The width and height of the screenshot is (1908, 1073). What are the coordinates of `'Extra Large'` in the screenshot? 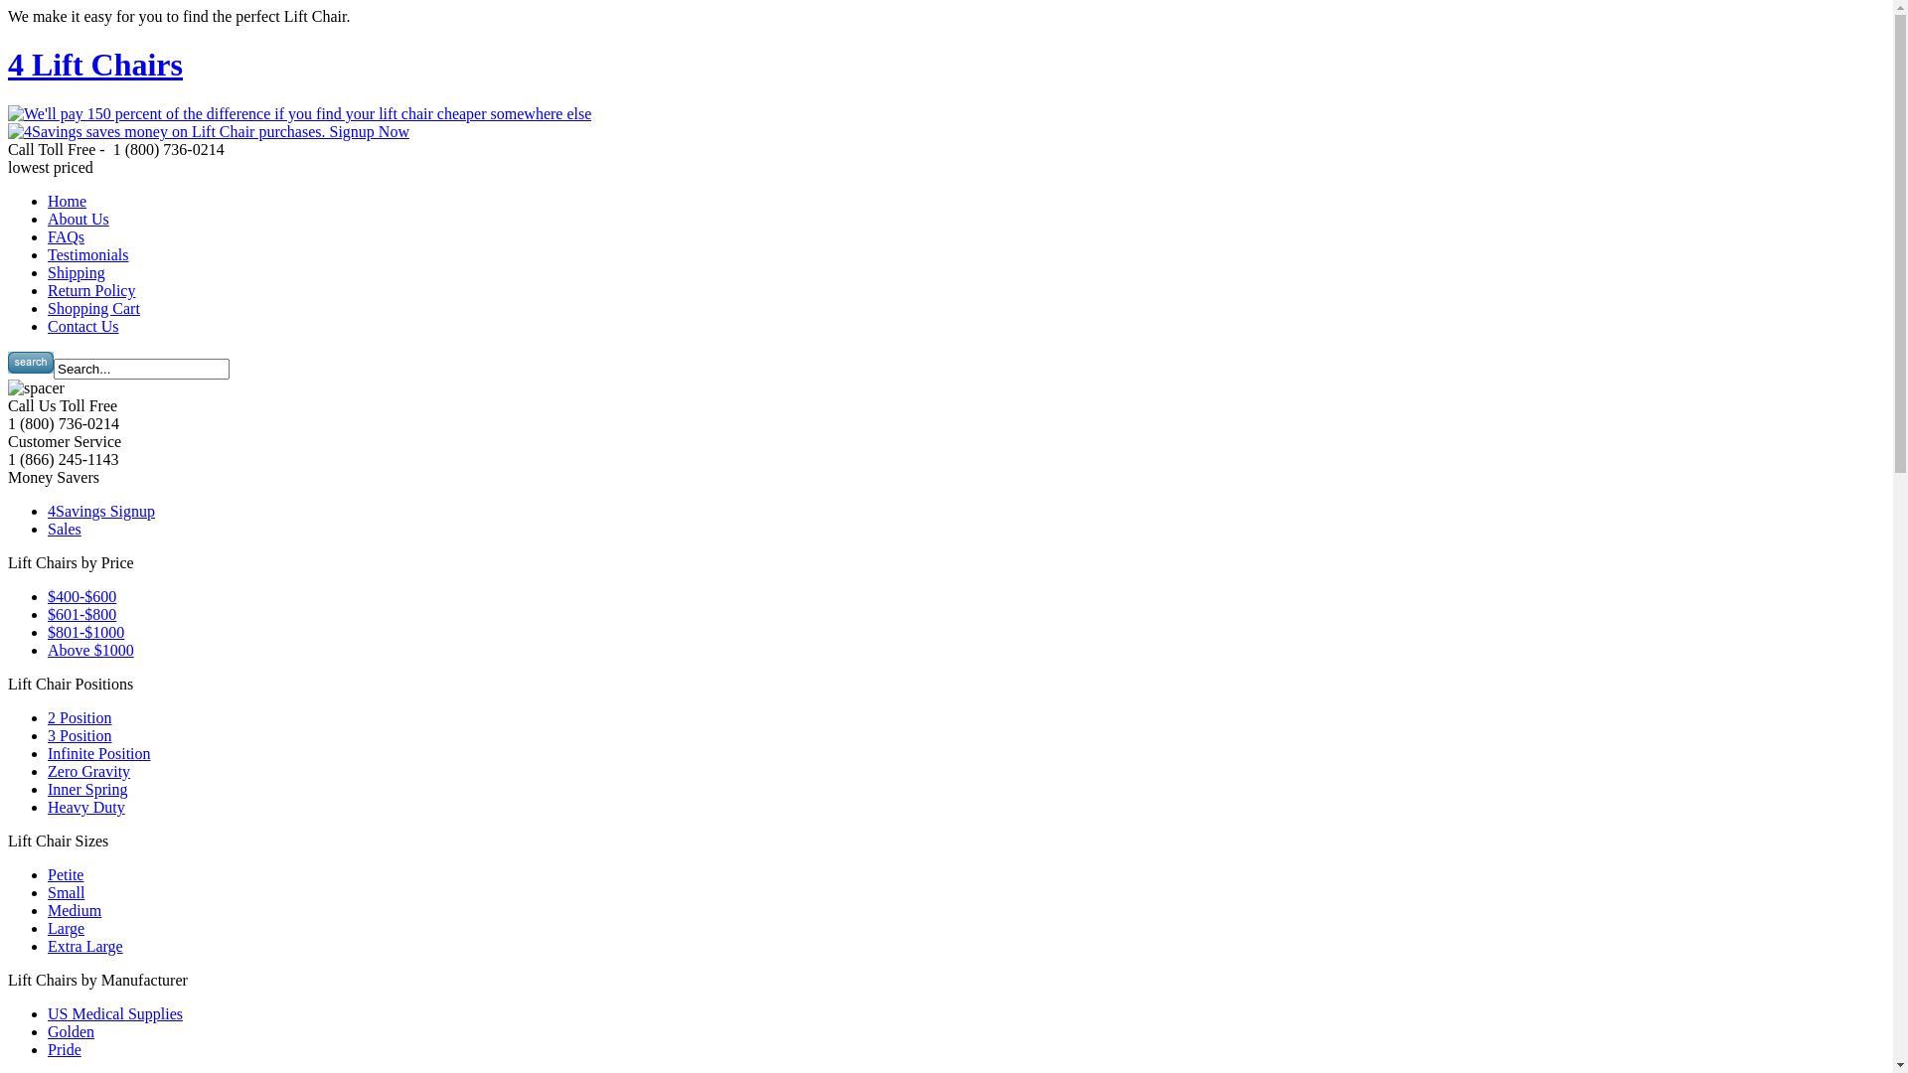 It's located at (84, 945).